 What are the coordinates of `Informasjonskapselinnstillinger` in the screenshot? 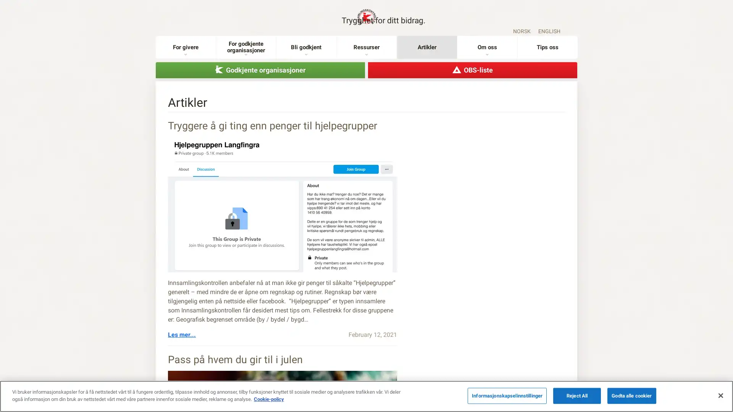 It's located at (507, 395).